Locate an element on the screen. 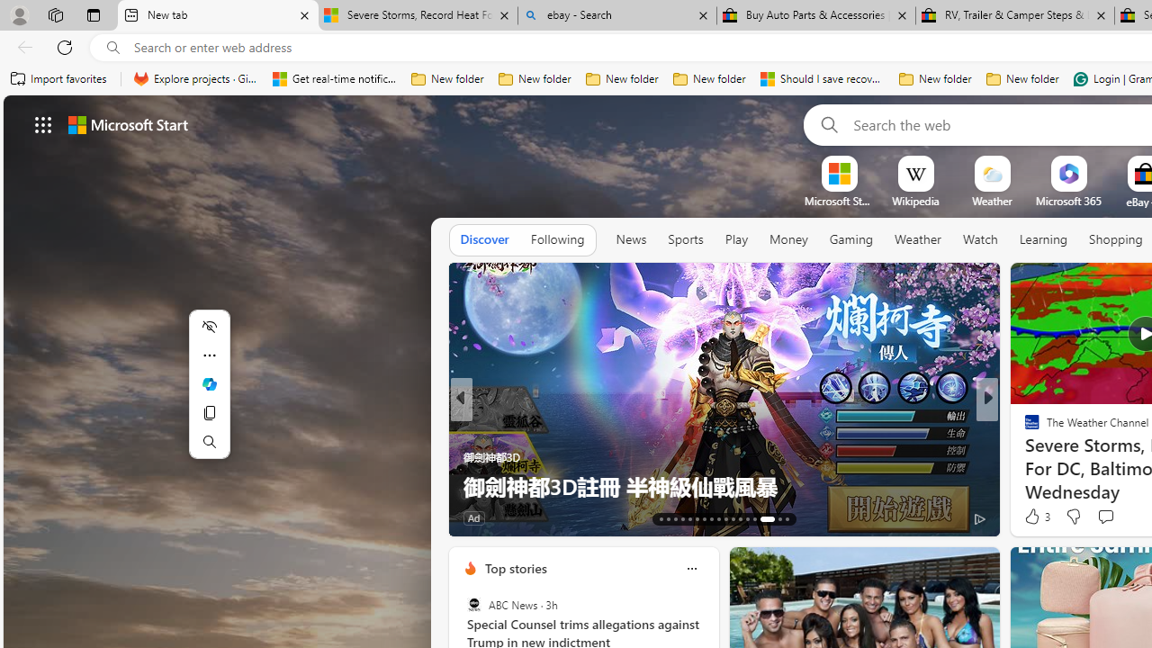 This screenshot has height=648, width=1152. 'AutomationID: tab-16' is located at coordinates (681, 519).